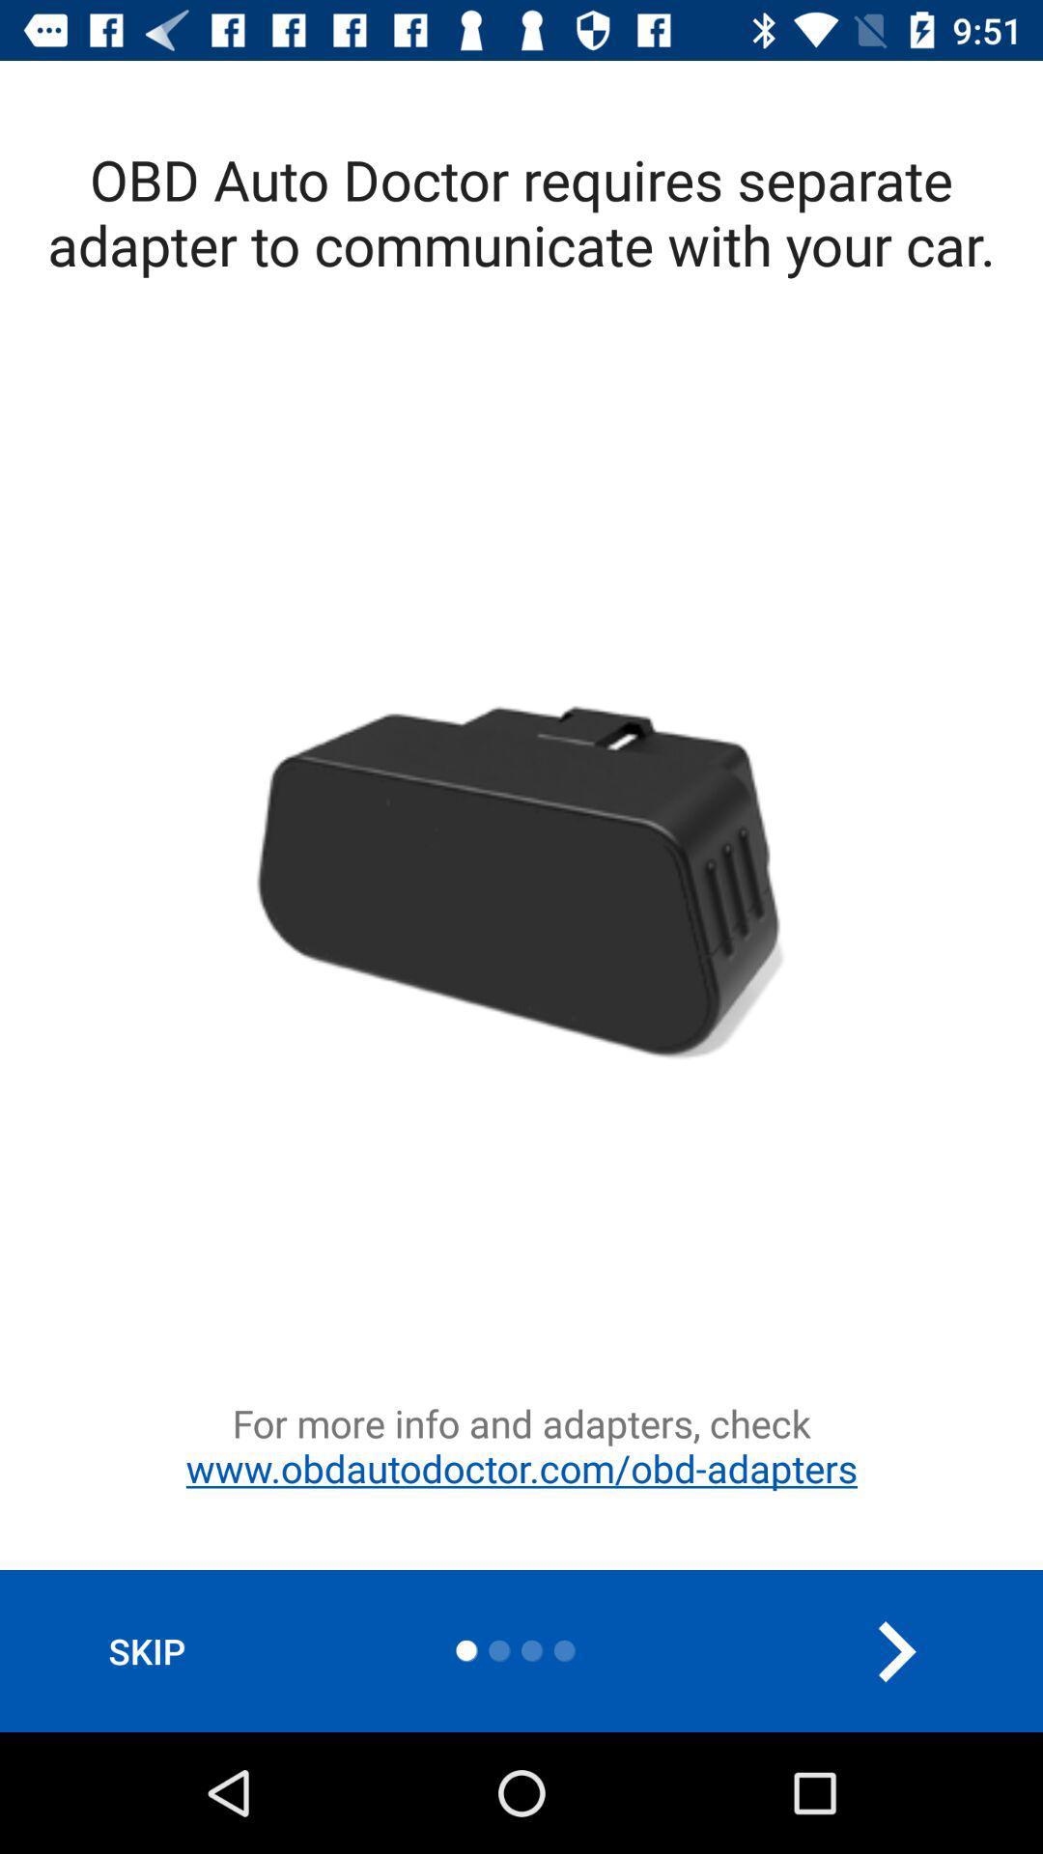 This screenshot has width=1043, height=1854. Describe the element at coordinates (895, 1650) in the screenshot. I see `item below the for more info item` at that location.